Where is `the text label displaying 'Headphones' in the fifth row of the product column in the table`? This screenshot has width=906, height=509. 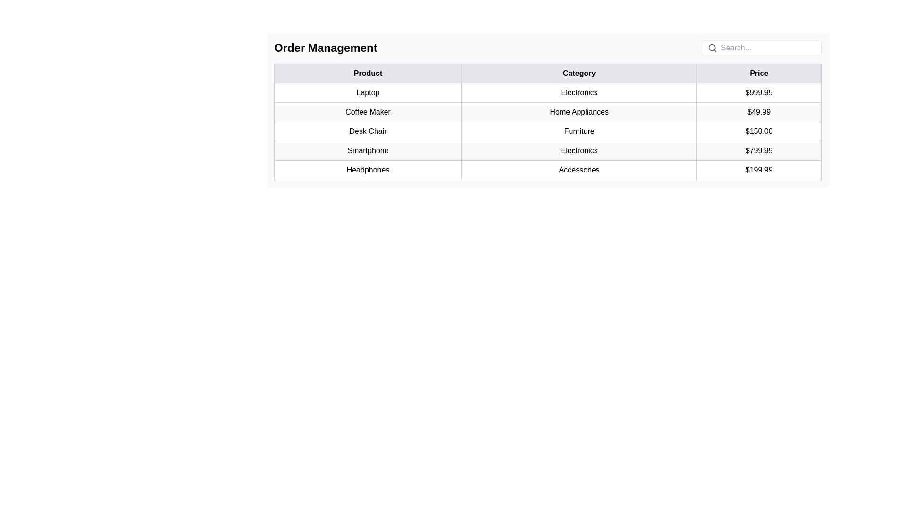
the text label displaying 'Headphones' in the fifth row of the product column in the table is located at coordinates (368, 170).